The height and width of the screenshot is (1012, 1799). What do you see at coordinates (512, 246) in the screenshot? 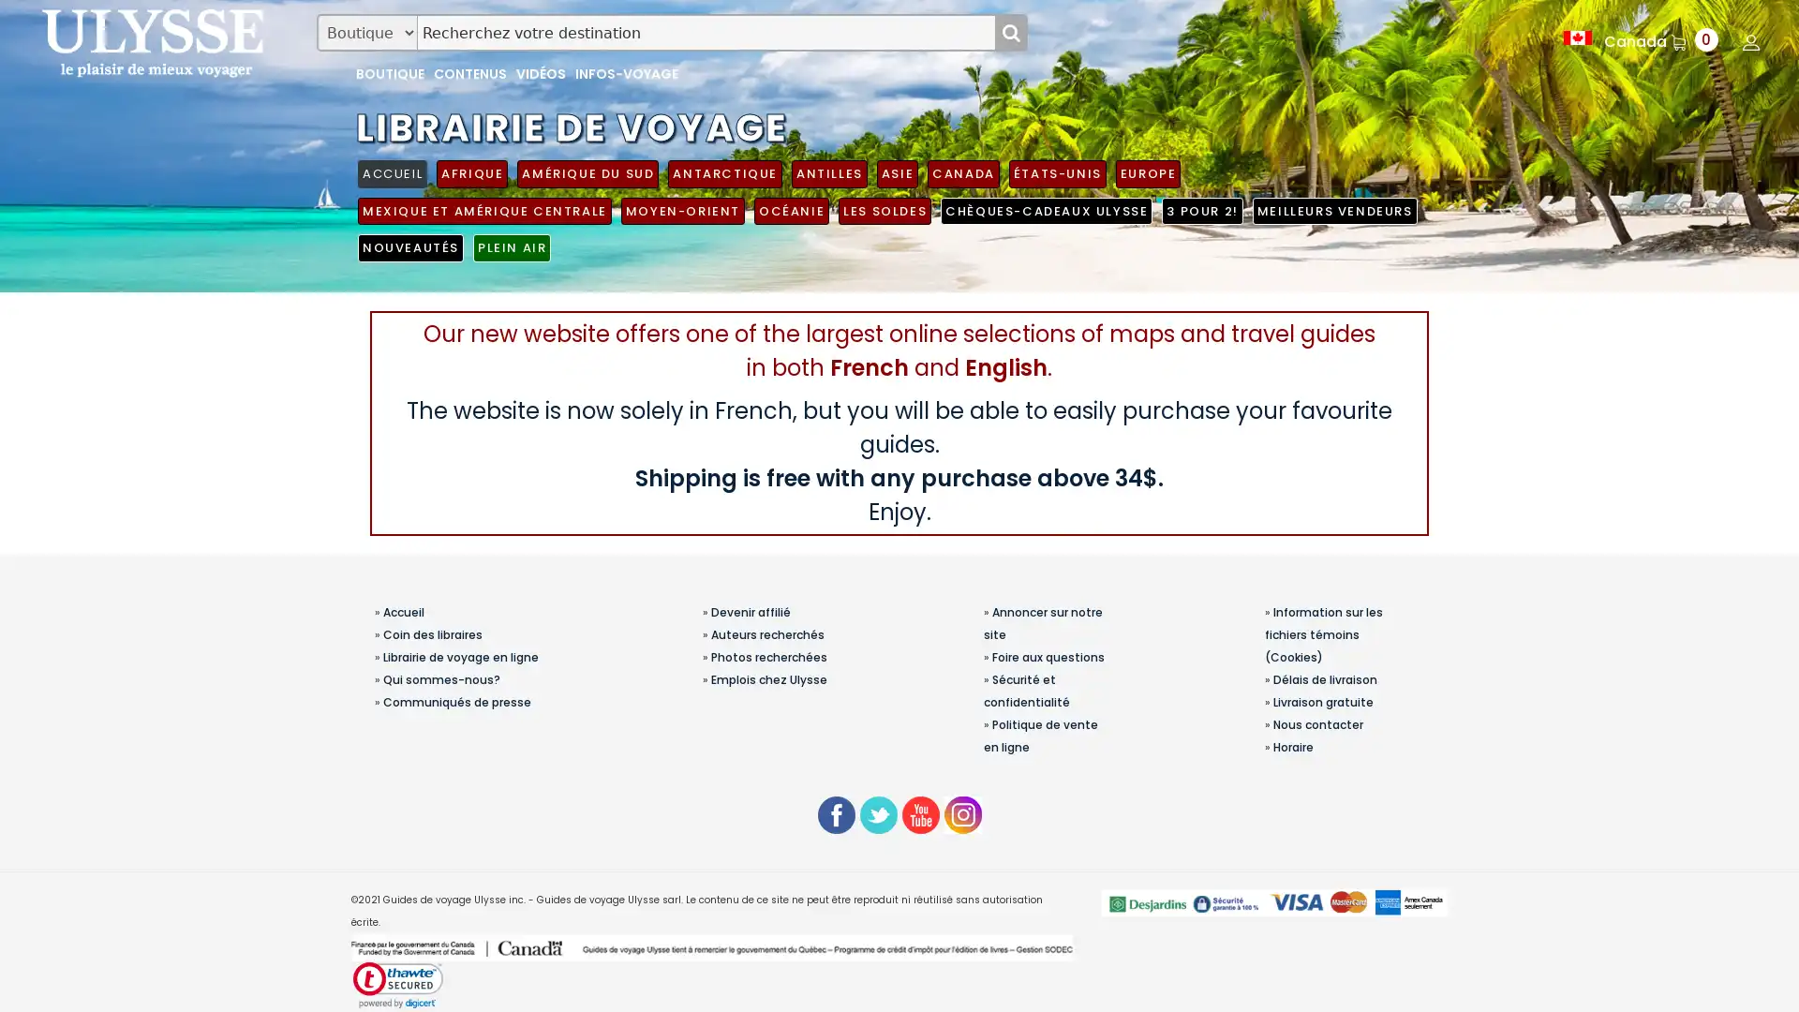
I see `PLEIN AIR` at bounding box center [512, 246].